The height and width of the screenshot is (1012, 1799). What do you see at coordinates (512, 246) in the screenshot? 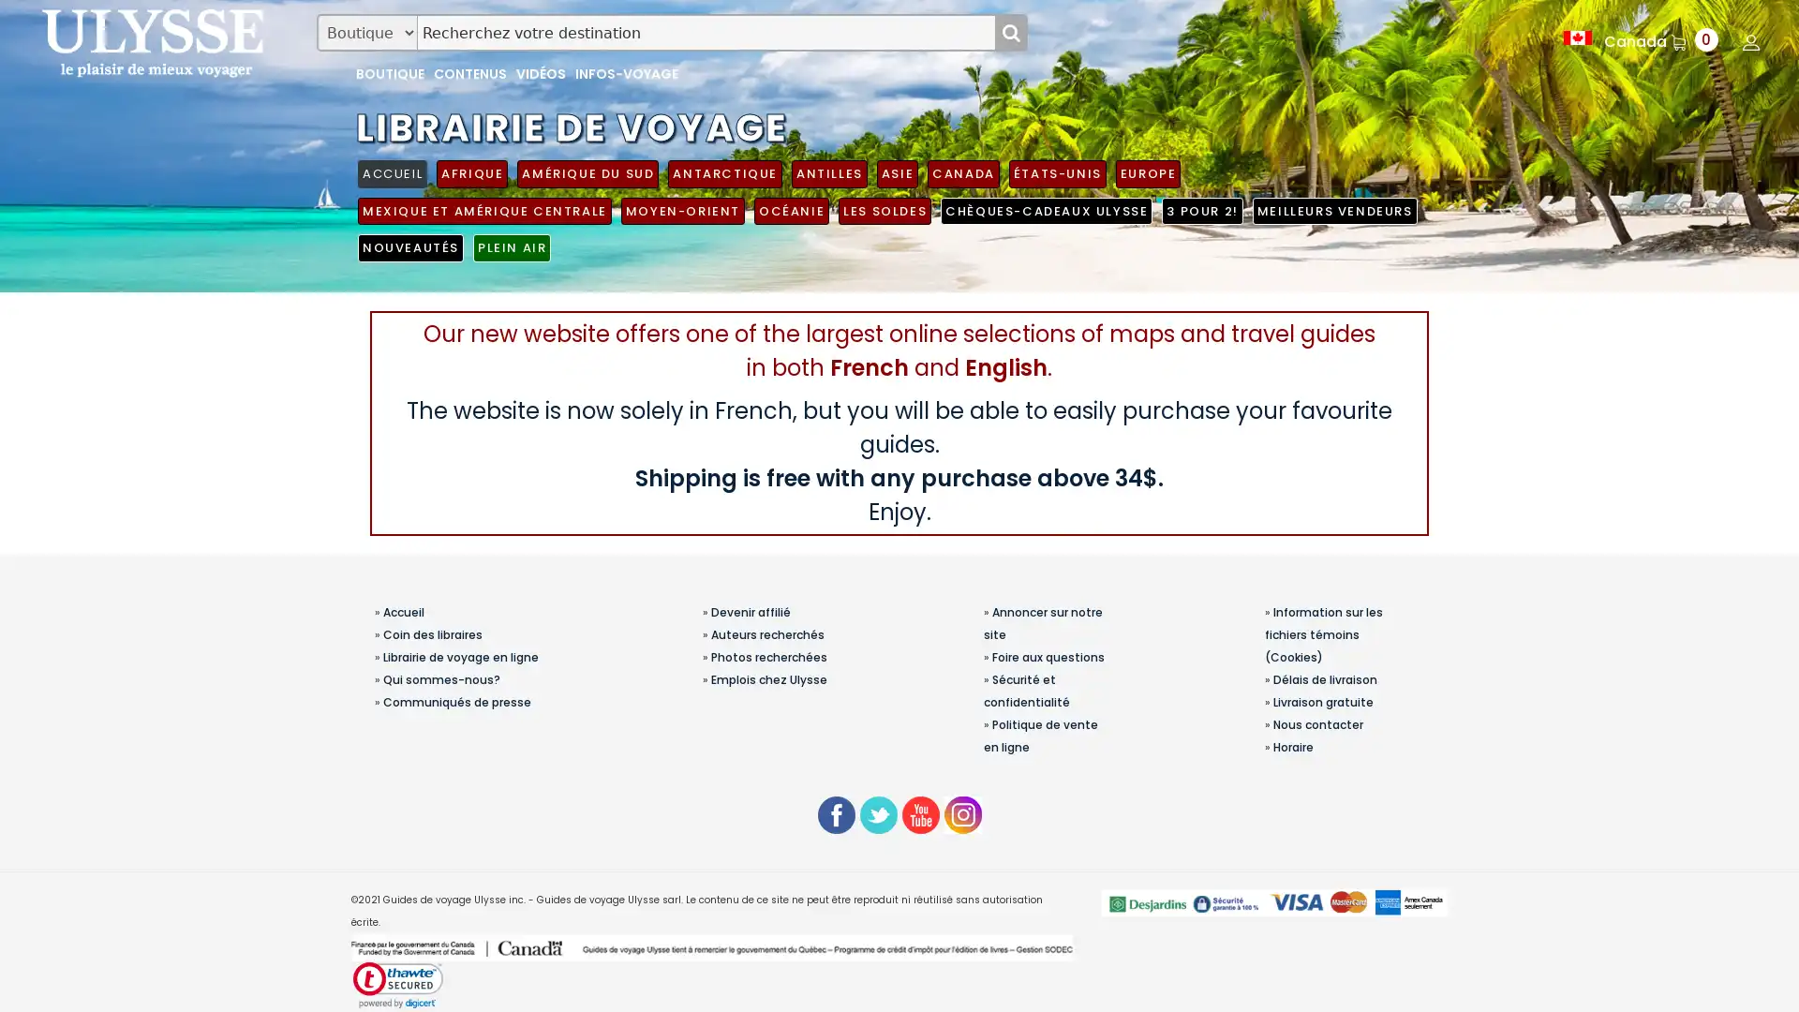
I see `PLEIN AIR` at bounding box center [512, 246].